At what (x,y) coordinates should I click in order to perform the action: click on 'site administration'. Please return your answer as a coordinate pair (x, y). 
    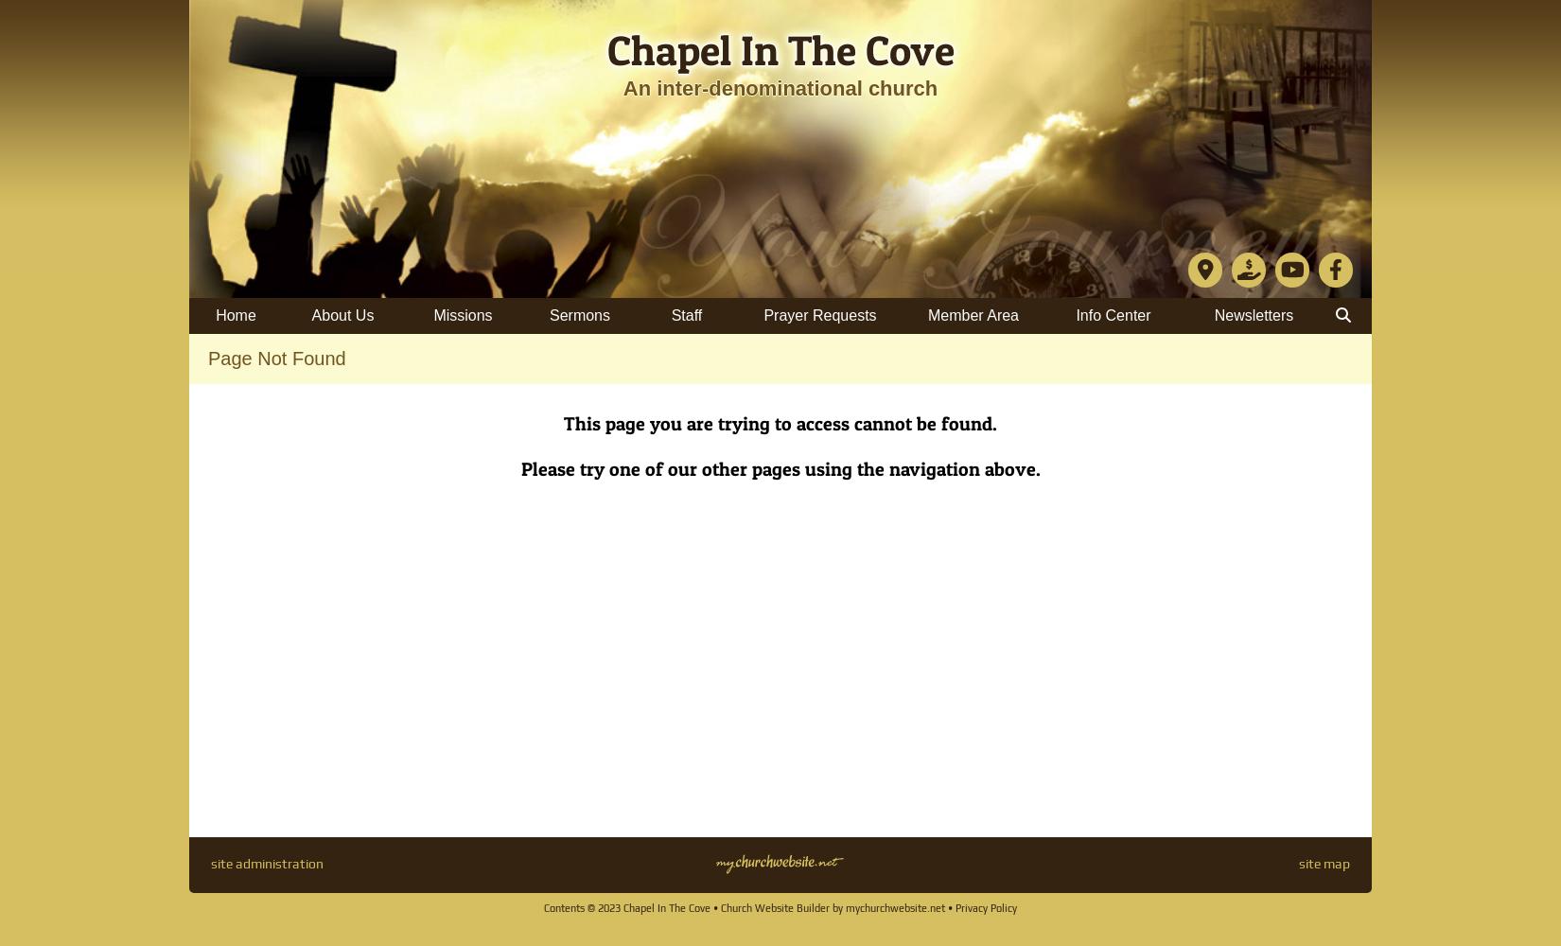
    Looking at the image, I should click on (267, 864).